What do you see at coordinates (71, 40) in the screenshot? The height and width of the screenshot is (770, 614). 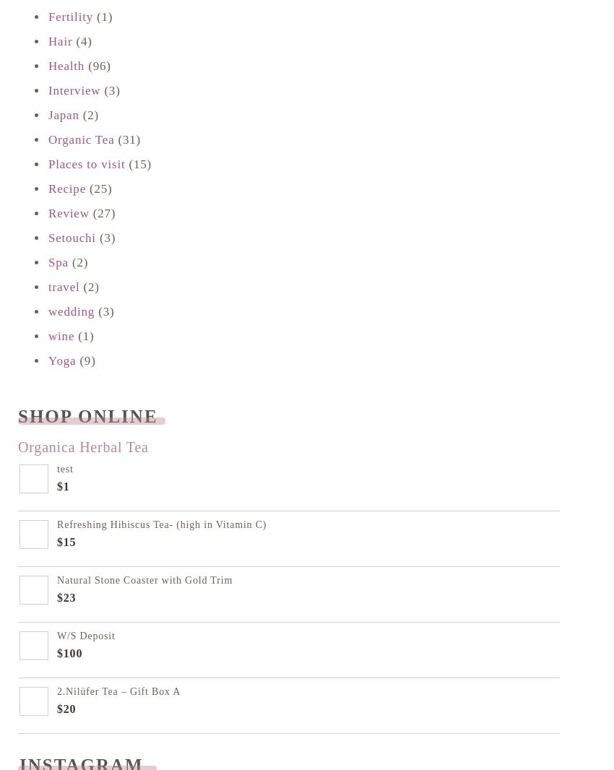 I see `'(4)'` at bounding box center [71, 40].